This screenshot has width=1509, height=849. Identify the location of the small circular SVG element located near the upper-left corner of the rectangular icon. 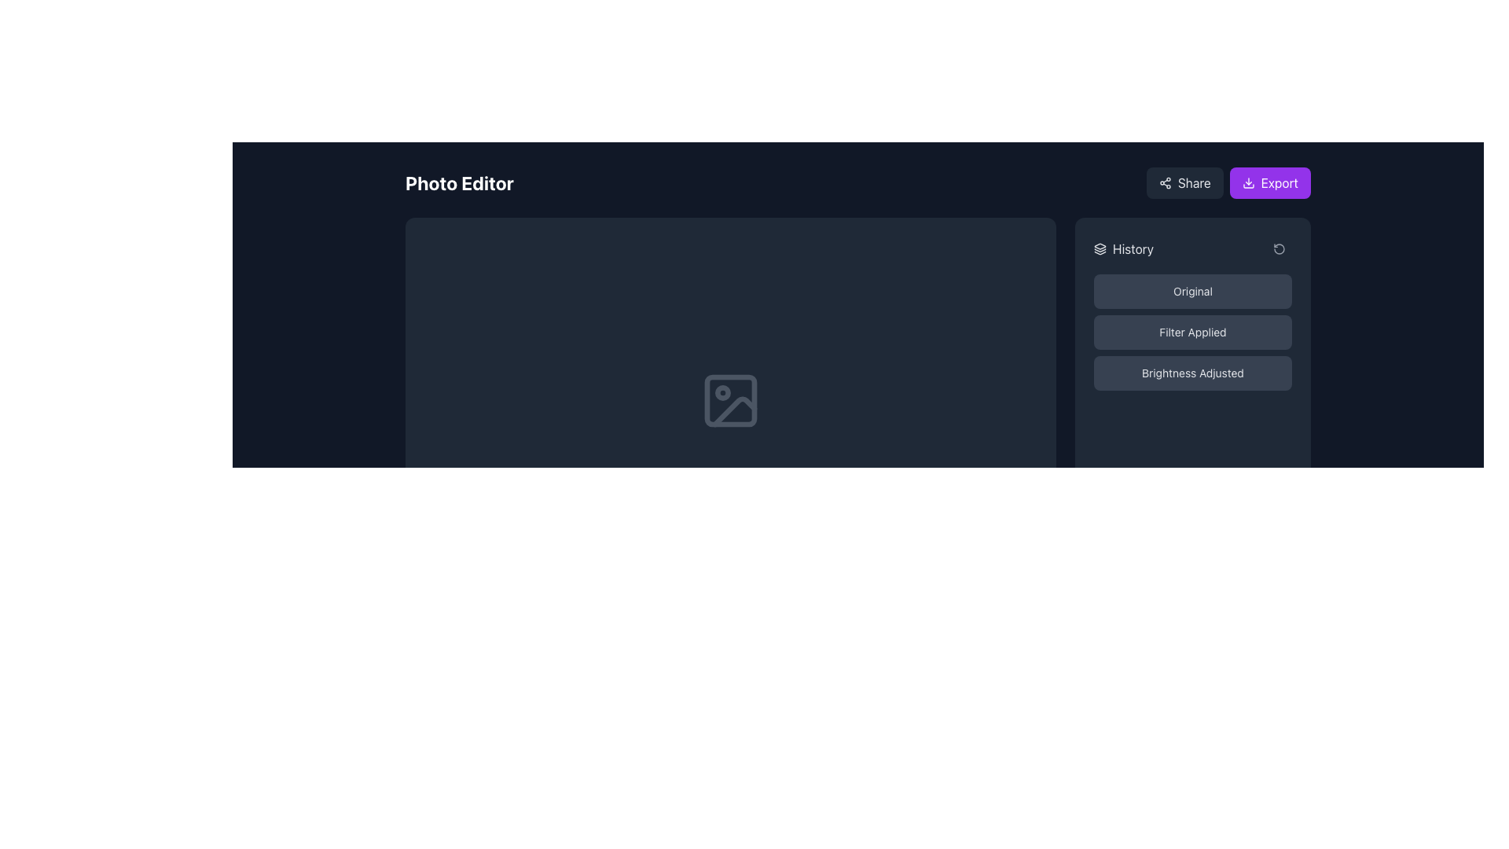
(722, 391).